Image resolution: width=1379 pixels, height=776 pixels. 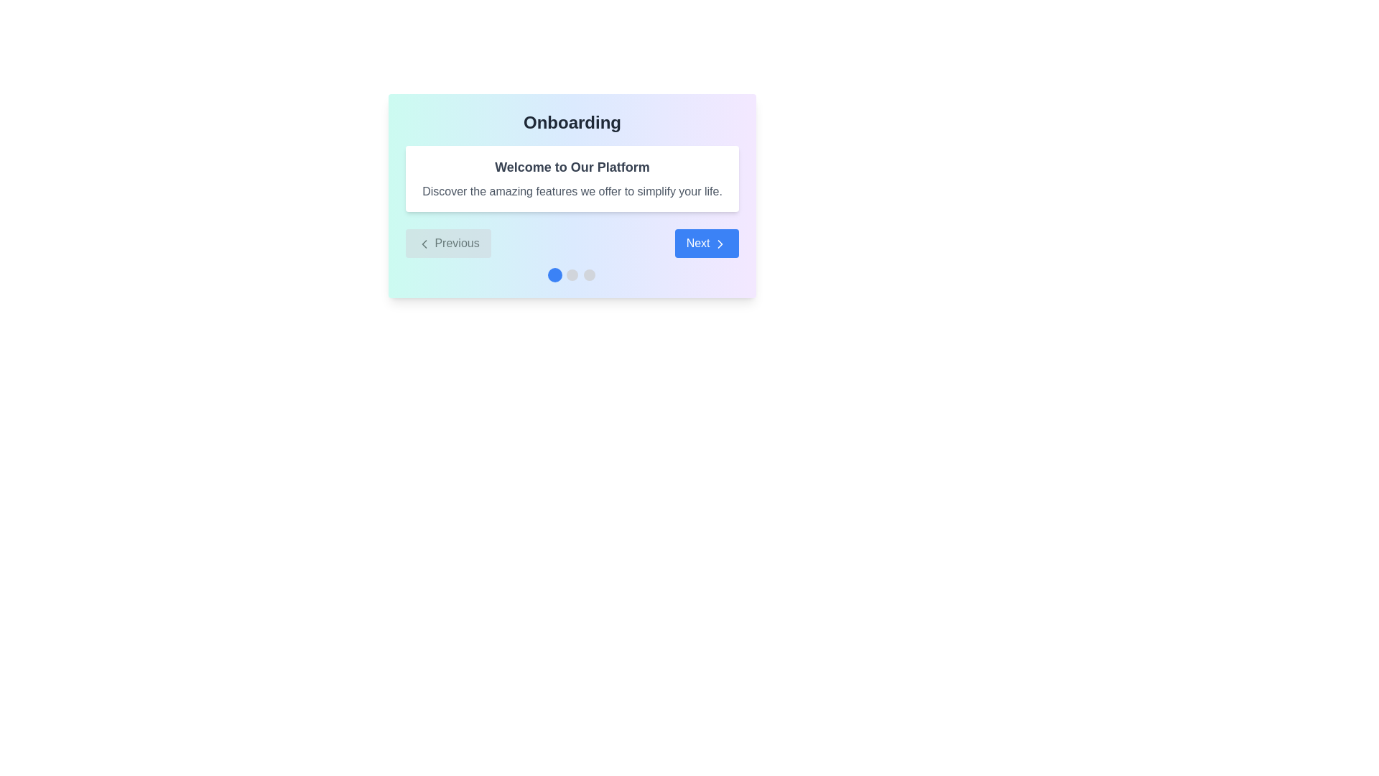 What do you see at coordinates (447, 243) in the screenshot?
I see `the 'Previous' button, which is a rectangular button with a light gray background that darkens on hover and contains a leftward arrow icon preceding the text` at bounding box center [447, 243].